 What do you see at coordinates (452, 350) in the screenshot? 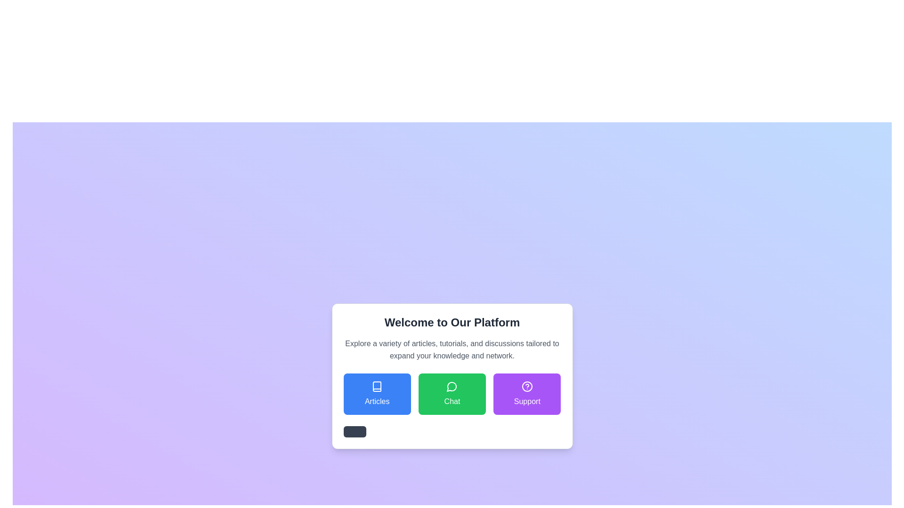
I see `the informative descriptive text located below the title 'Welcome to Our Platform' and above the buttons labeled 'Articles', 'Chat', and 'Support'` at bounding box center [452, 350].